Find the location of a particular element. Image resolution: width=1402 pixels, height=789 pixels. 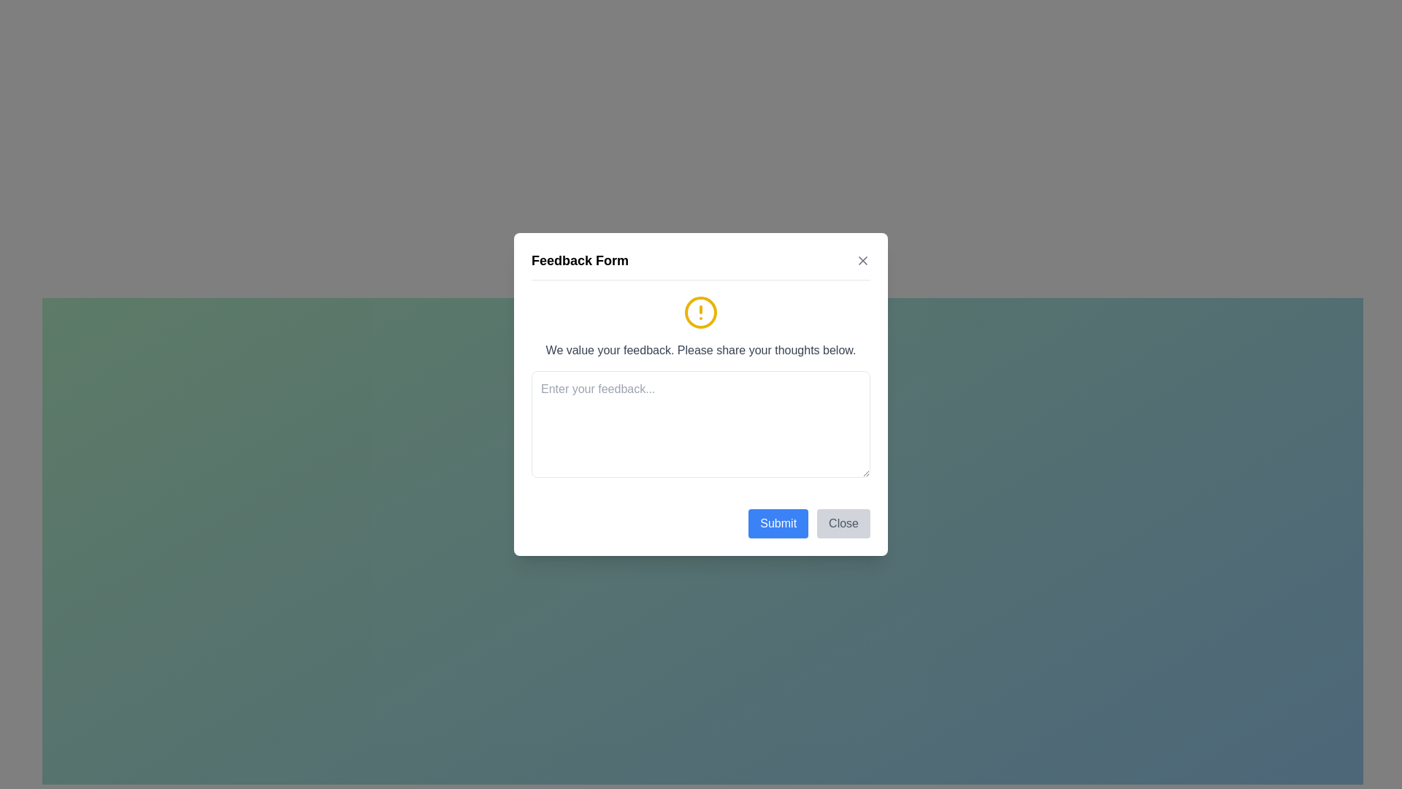

the 'Feedback Form' text label, which is the title of the form located at the top-left corner of the modal dialog box is located at coordinates (579, 260).